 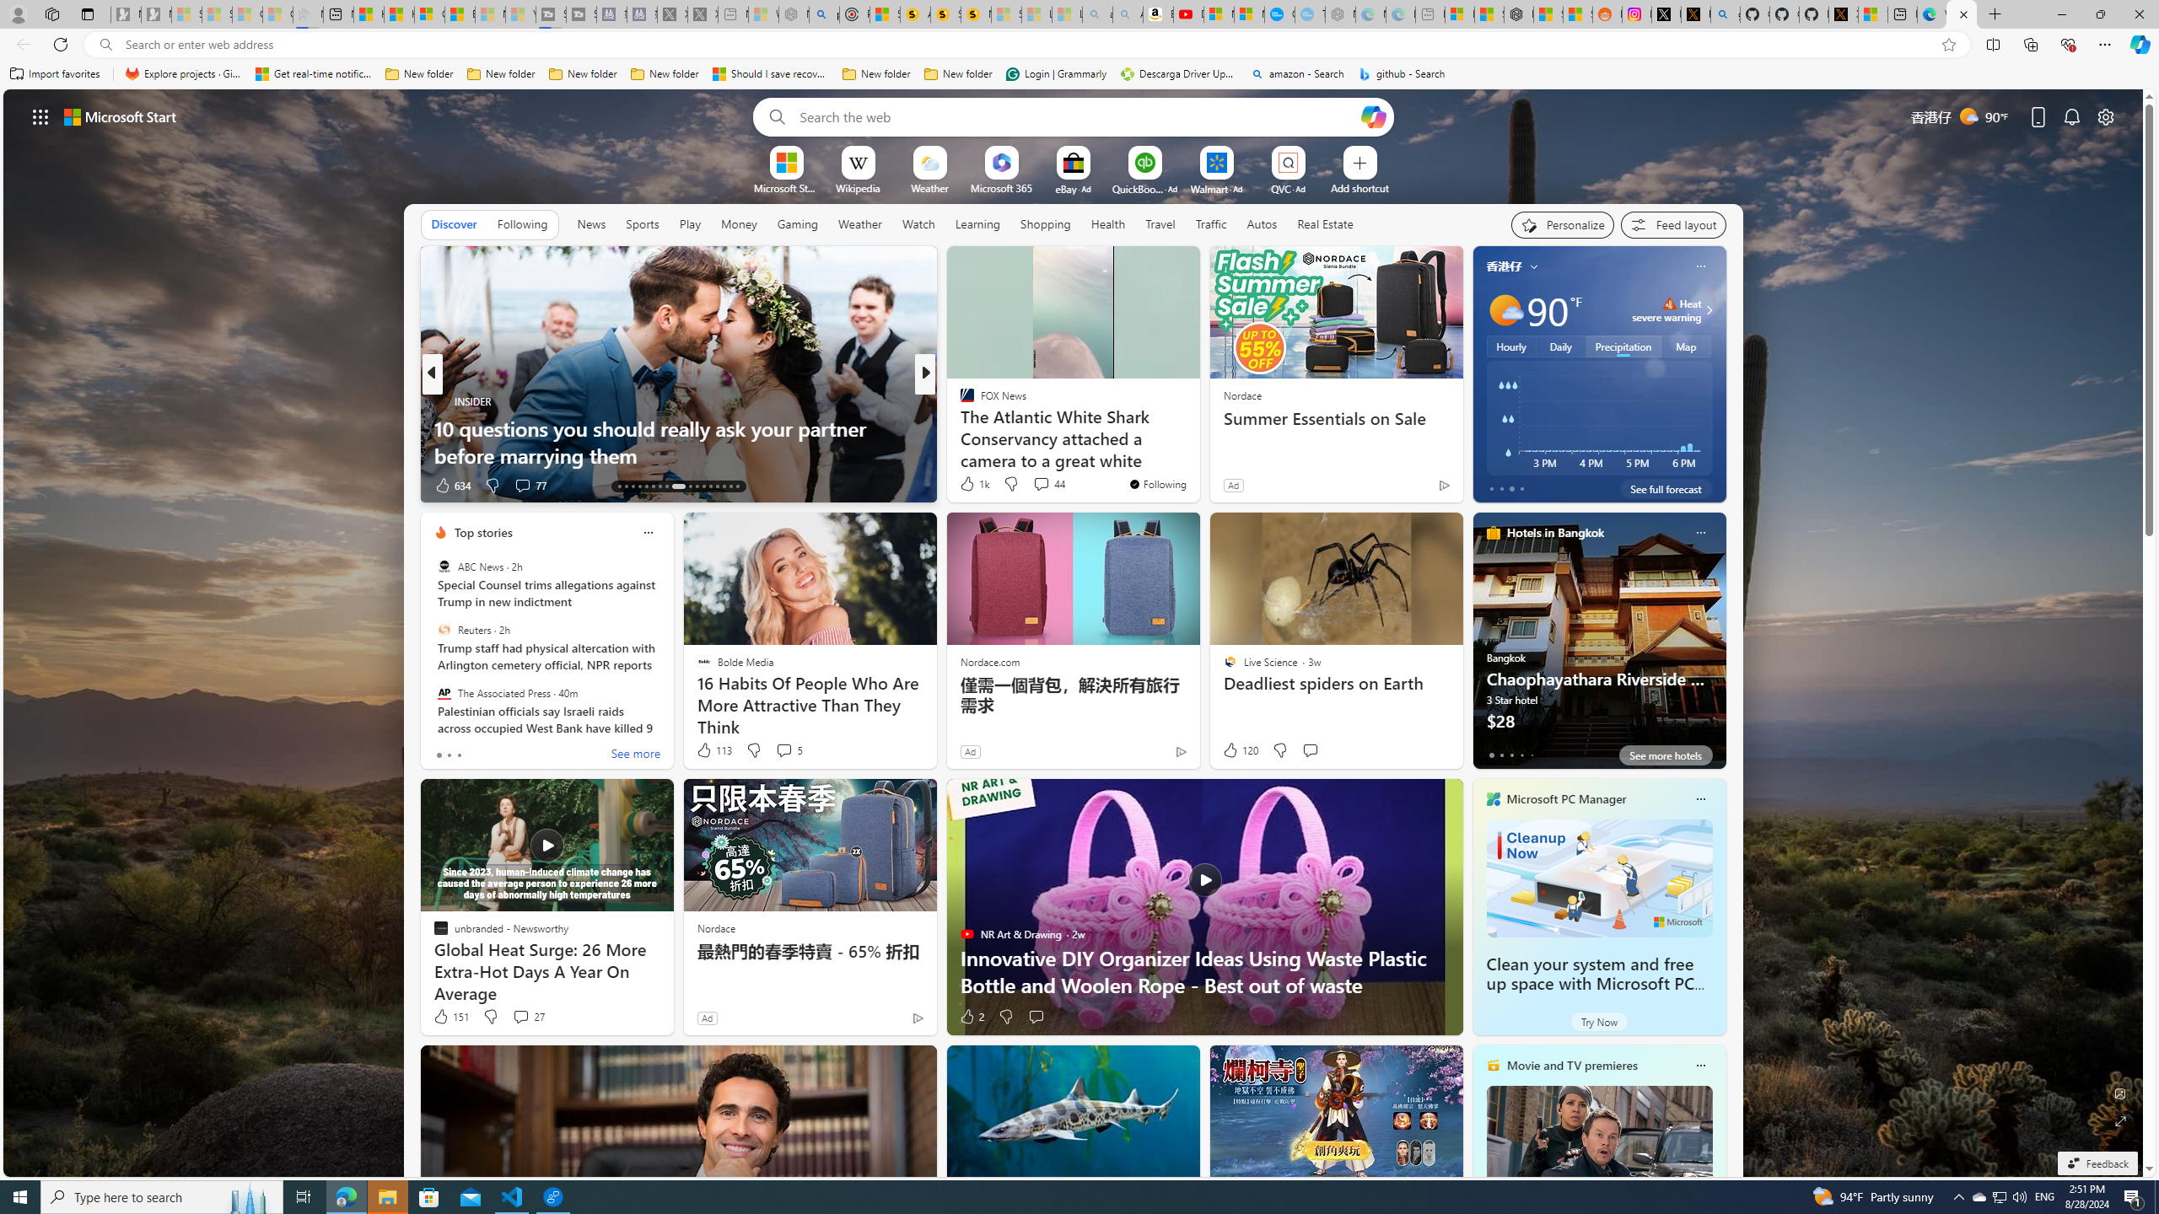 I want to click on 'Expand background', so click(x=2121, y=1121).